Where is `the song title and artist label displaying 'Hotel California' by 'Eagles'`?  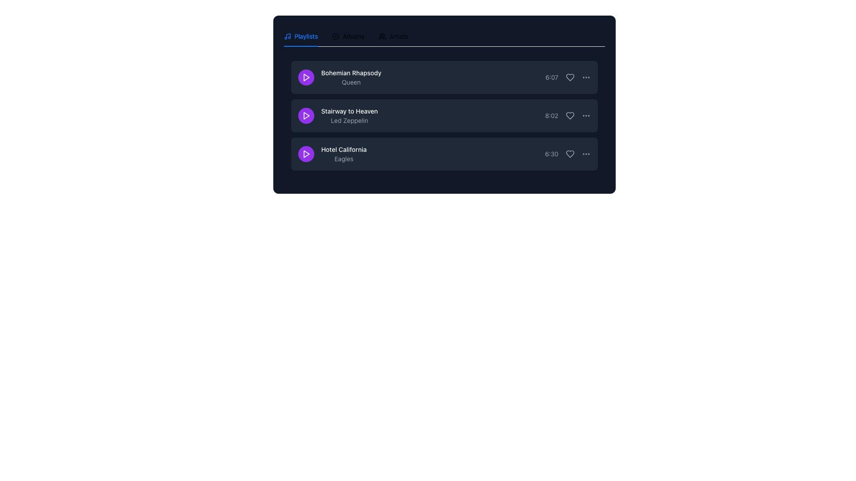
the song title and artist label displaying 'Hotel California' by 'Eagles' is located at coordinates (332, 154).